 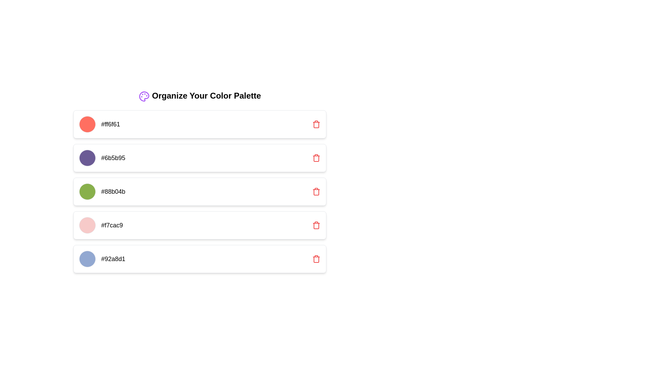 What do you see at coordinates (316, 124) in the screenshot?
I see `the Trash Can/Delete icon located at the far right of the color palette '#ff6f61'` at bounding box center [316, 124].